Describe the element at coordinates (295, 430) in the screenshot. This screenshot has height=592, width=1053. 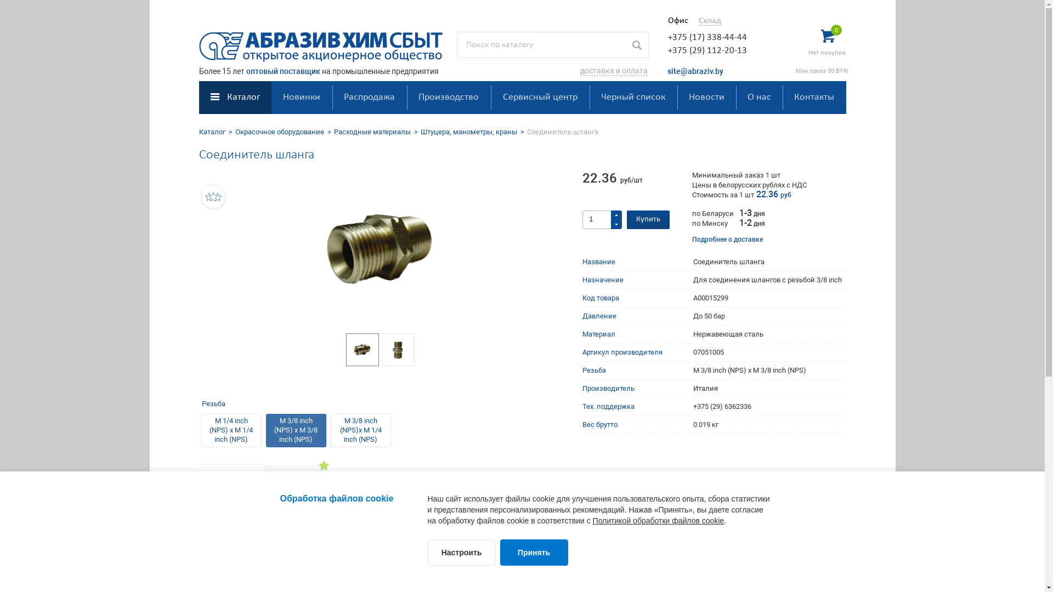
I see `'M 3/8 inch (NPS) x M 3/8 inch (NPS)'` at that location.